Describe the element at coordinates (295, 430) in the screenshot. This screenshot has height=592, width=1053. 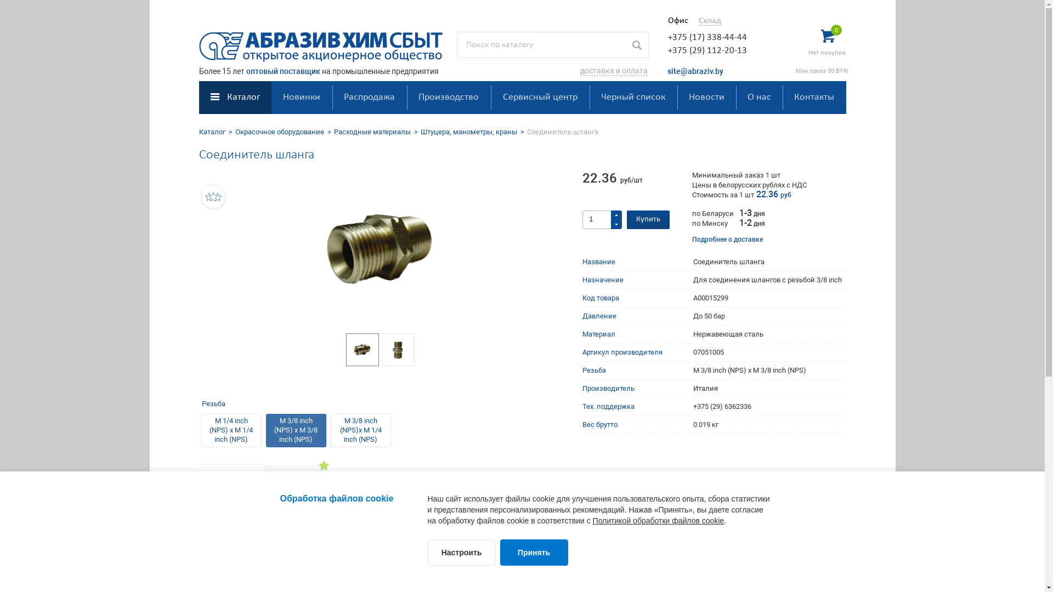
I see `'M 3/8 inch (NPS) x M 3/8 inch (NPS)'` at that location.